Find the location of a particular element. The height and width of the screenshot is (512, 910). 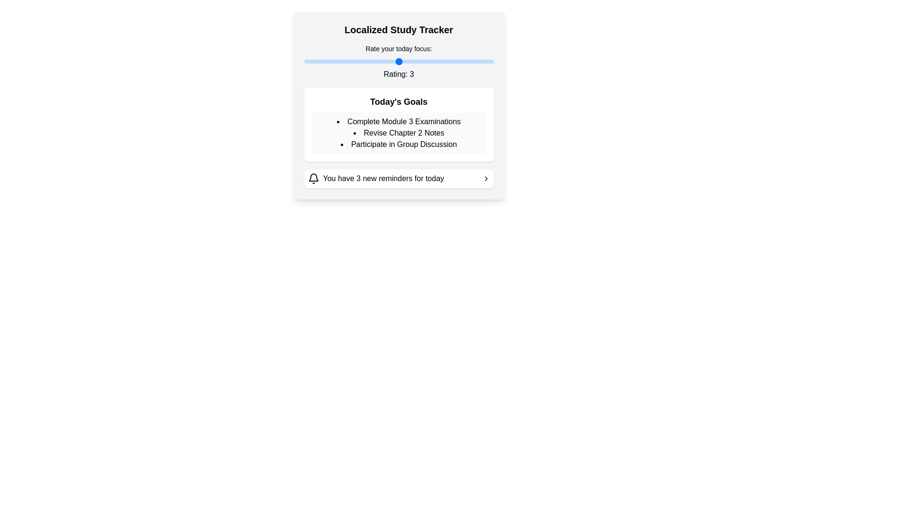

the right-facing chevron icon located at the far right of the notification panel that displays 'You have 3 new reminders for today' is located at coordinates (486, 179).